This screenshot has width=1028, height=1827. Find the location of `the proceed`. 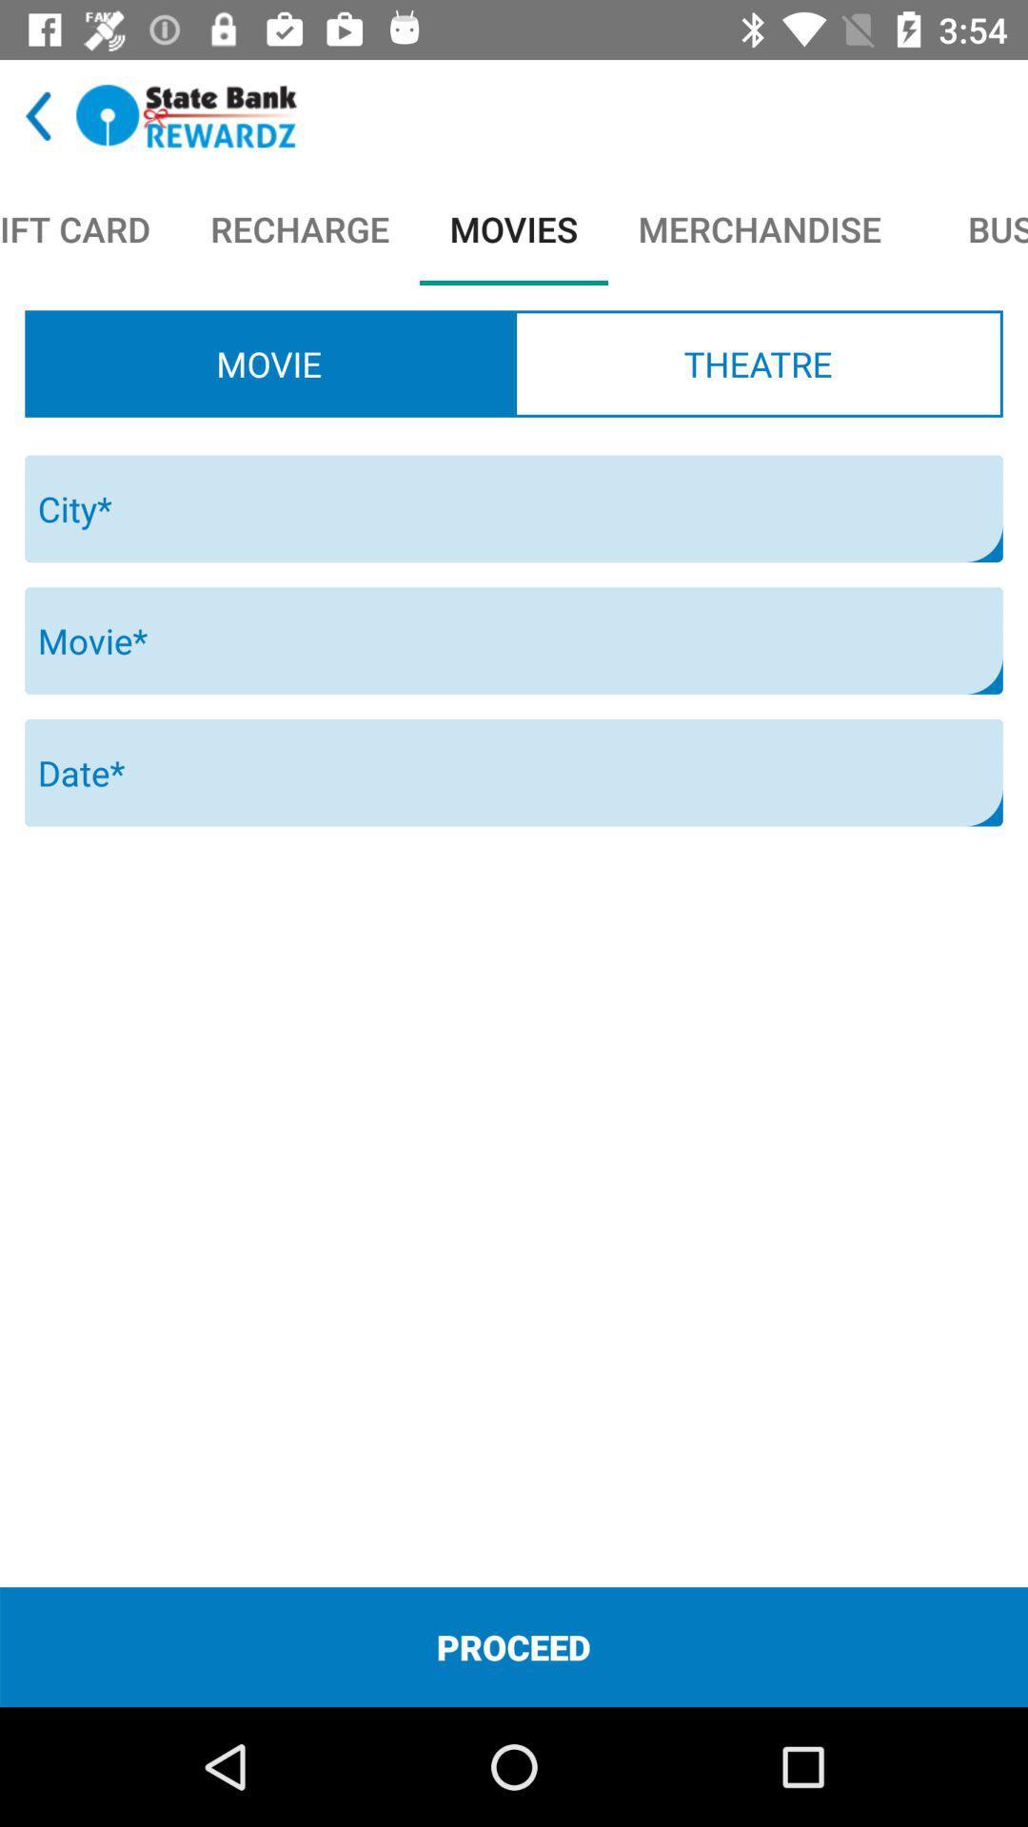

the proceed is located at coordinates (514, 1646).